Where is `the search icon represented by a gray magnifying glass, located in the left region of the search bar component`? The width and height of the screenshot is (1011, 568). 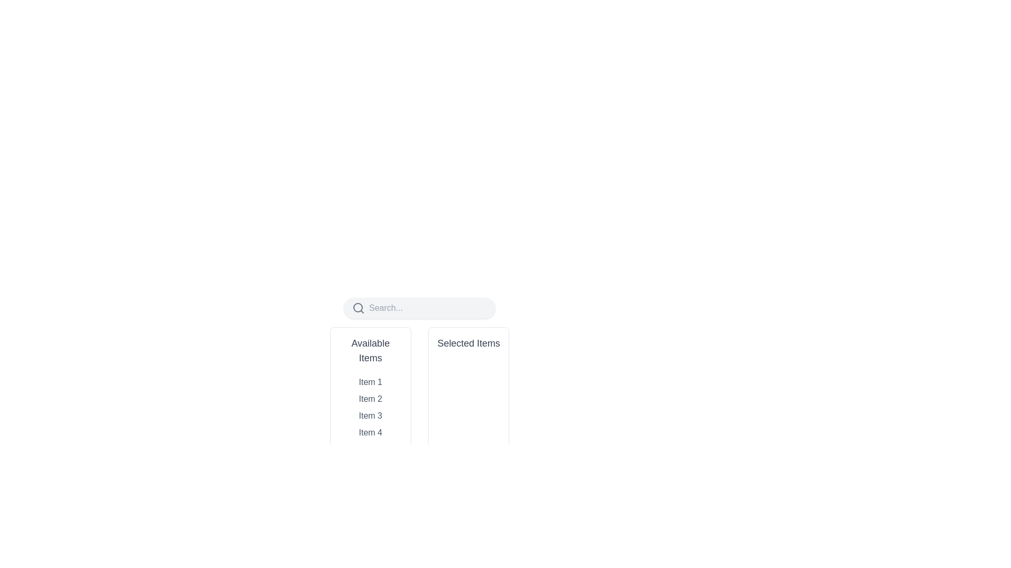 the search icon represented by a gray magnifying glass, located in the left region of the search bar component is located at coordinates (359, 308).